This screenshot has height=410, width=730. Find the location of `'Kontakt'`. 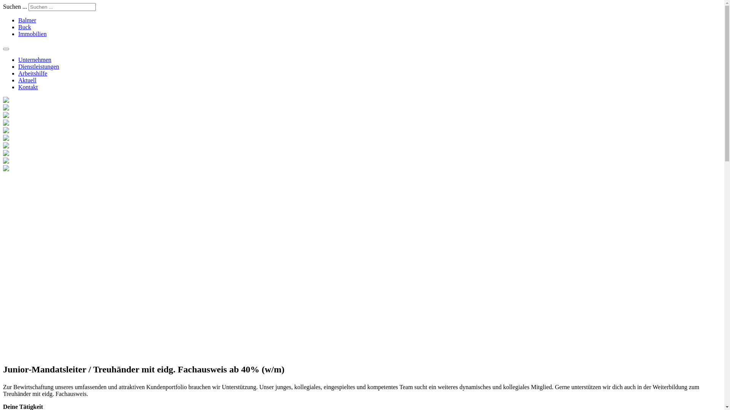

'Kontakt' is located at coordinates (28, 87).